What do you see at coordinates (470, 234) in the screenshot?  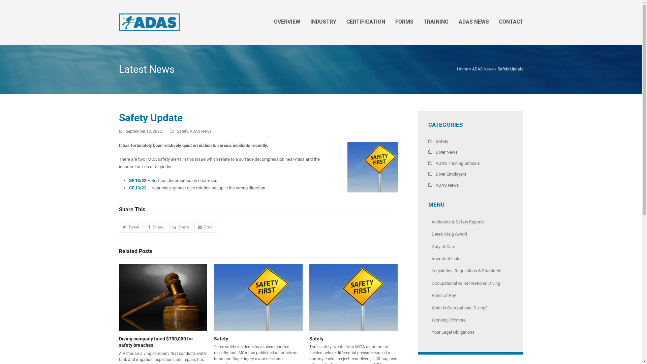 I see `'Derek Craig Award'` at bounding box center [470, 234].